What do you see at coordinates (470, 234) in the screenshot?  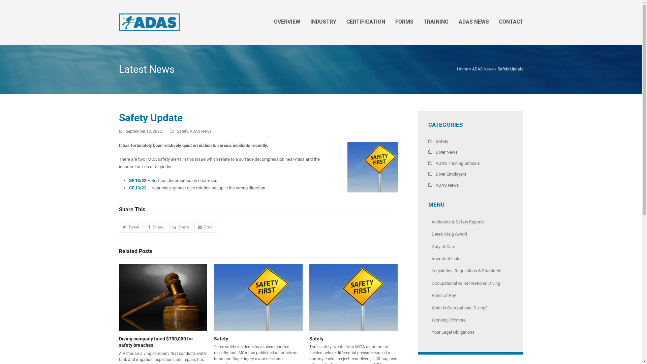 I see `'Derek Craig Award'` at bounding box center [470, 234].